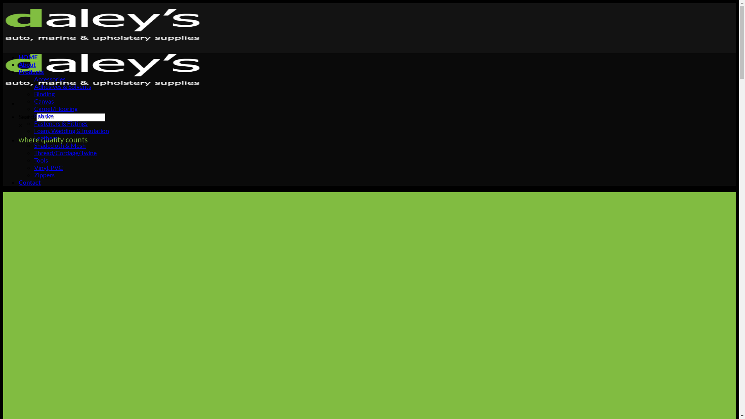  Describe the element at coordinates (48, 167) in the screenshot. I see `'Vinyl, PVC'` at that location.